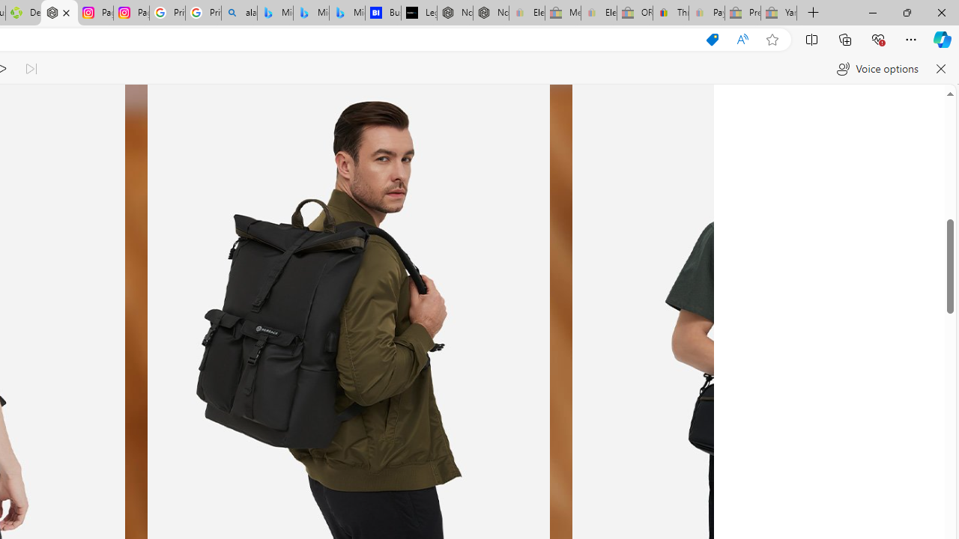  I want to click on 'Microsoft Bing Travel - Flights from Hong Kong to Bangkok', so click(275, 13).